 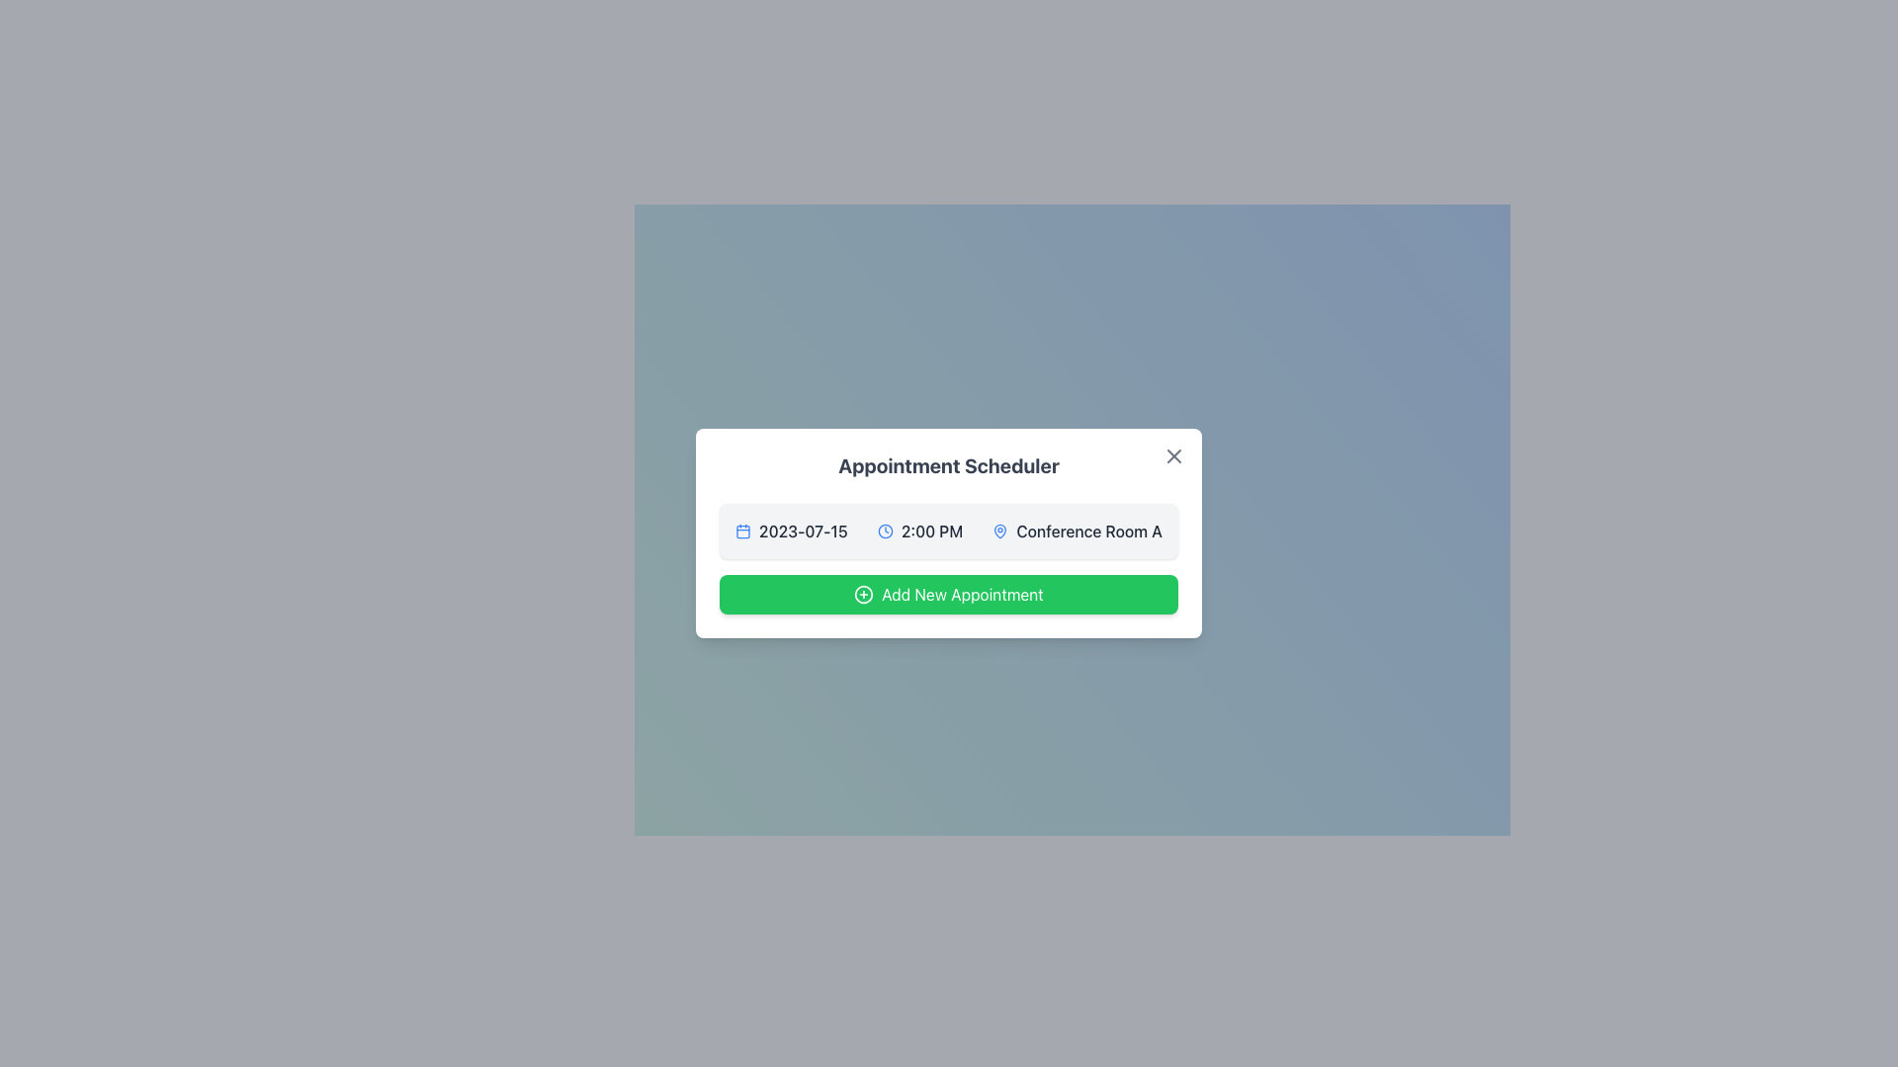 I want to click on the calendar SVG icon located to the far-left side of the row containing the date text '2023-07-15', so click(x=742, y=530).